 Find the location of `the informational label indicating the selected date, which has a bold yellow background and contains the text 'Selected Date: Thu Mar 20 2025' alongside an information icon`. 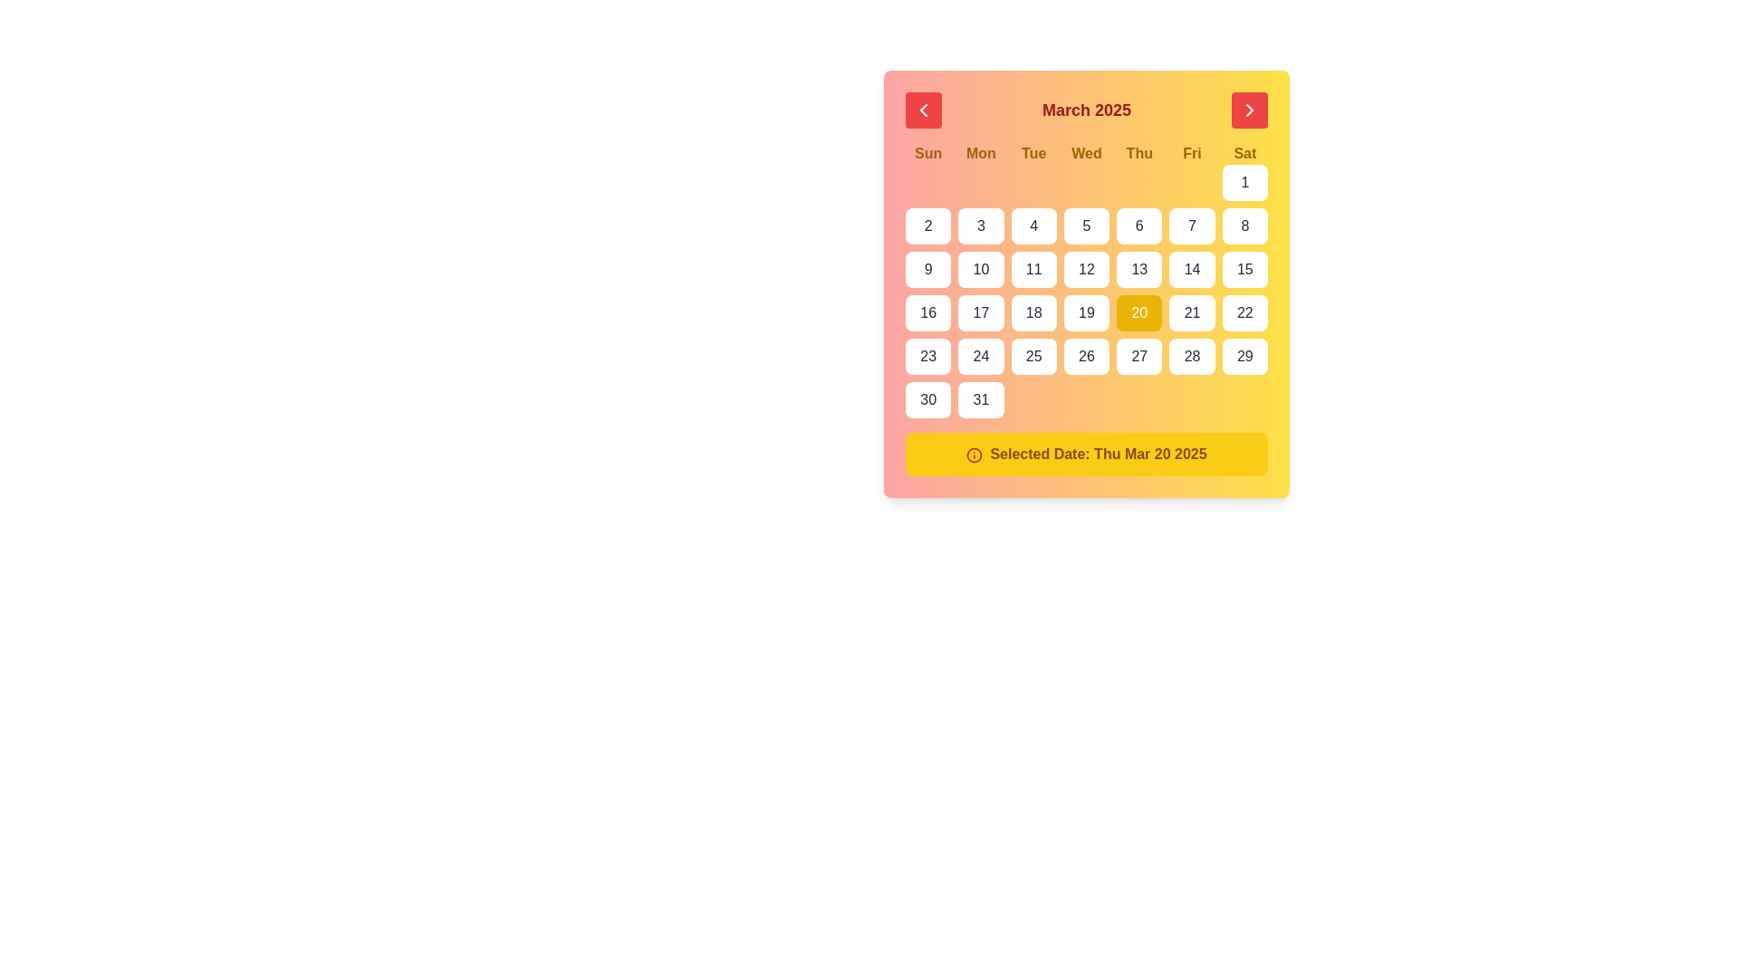

the informational label indicating the selected date, which has a bold yellow background and contains the text 'Selected Date: Thu Mar 20 2025' alongside an information icon is located at coordinates (1087, 453).